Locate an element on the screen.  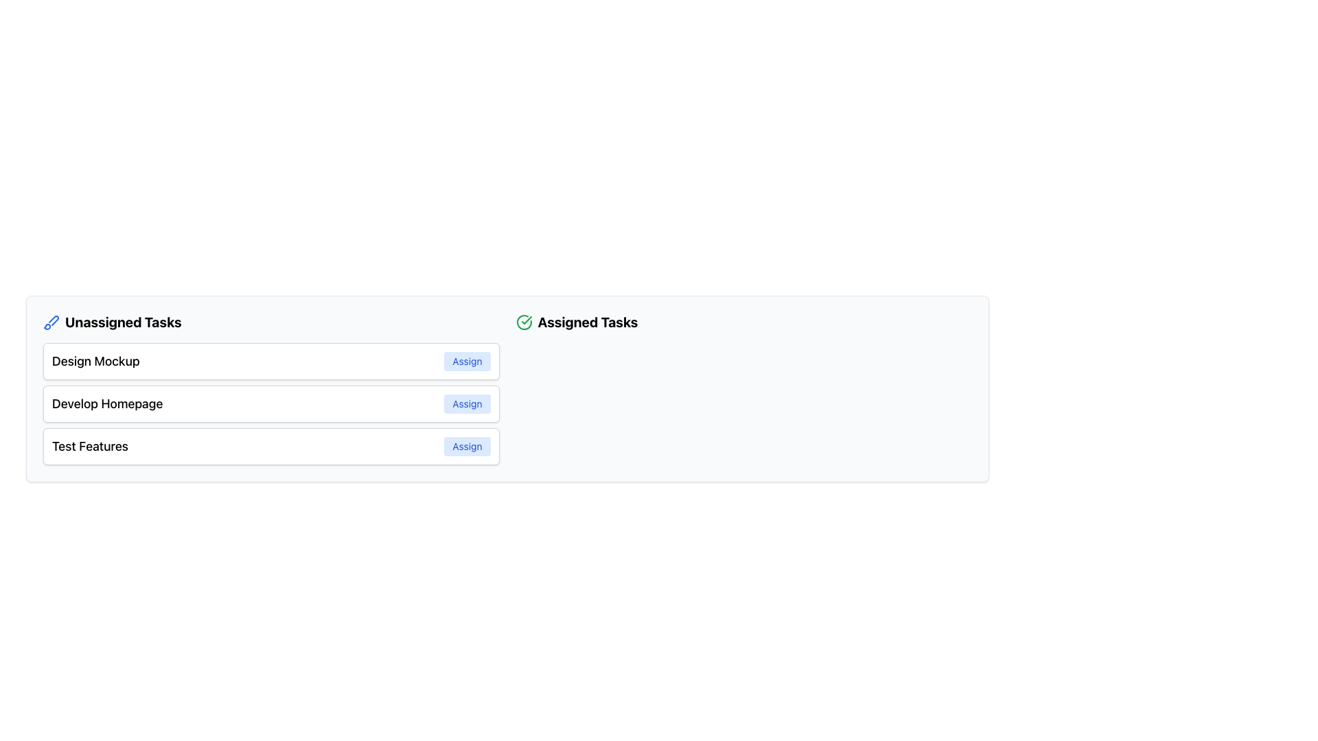
the button located to the right of the 'Develop Homepage' label is located at coordinates (467, 403).